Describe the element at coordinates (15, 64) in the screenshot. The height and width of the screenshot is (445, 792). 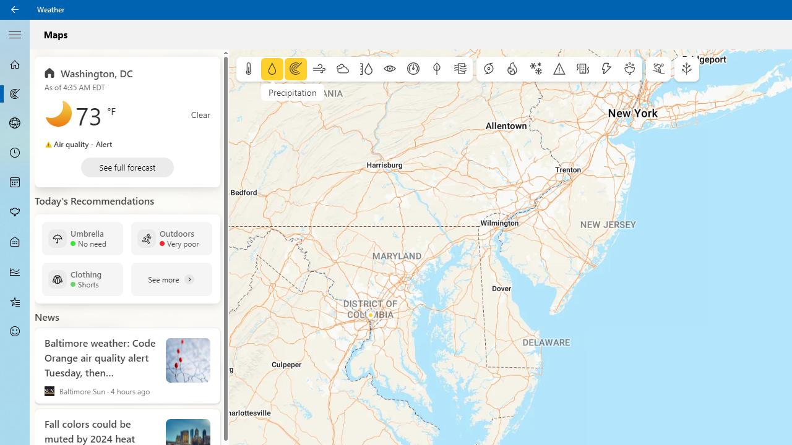
I see `'Forecast - Not Selected'` at that location.